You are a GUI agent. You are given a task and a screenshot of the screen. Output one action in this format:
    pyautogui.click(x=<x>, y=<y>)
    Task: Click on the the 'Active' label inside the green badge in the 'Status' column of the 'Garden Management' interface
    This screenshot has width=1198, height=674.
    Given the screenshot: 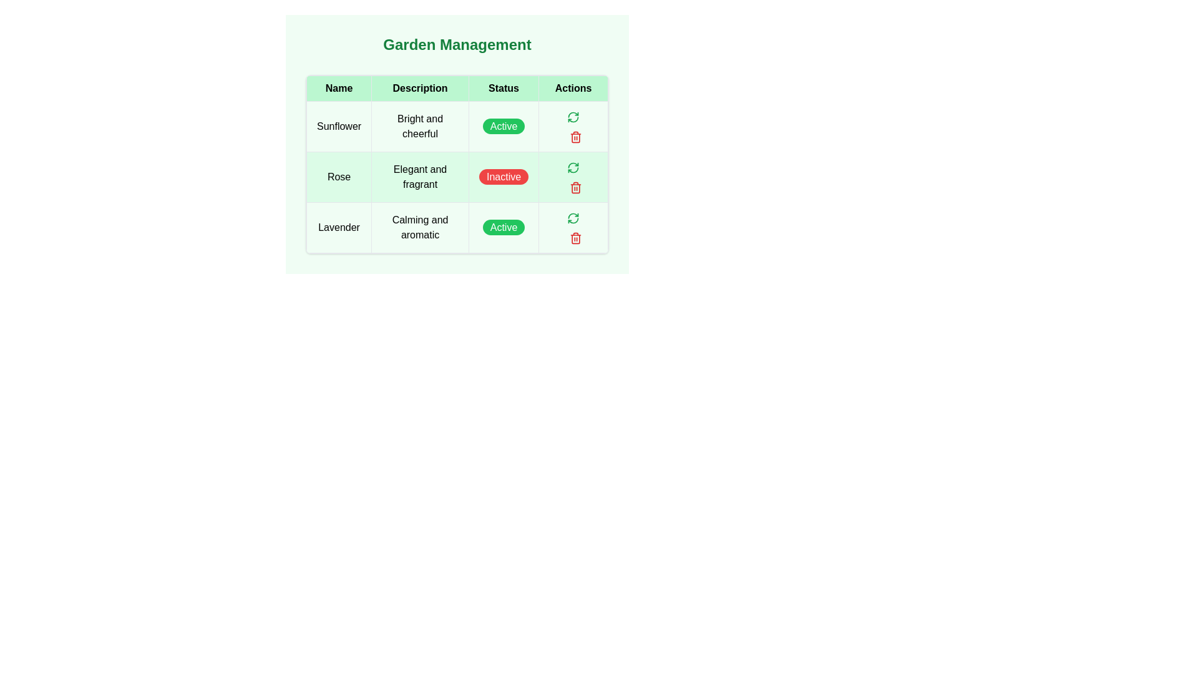 What is the action you would take?
    pyautogui.click(x=504, y=127)
    